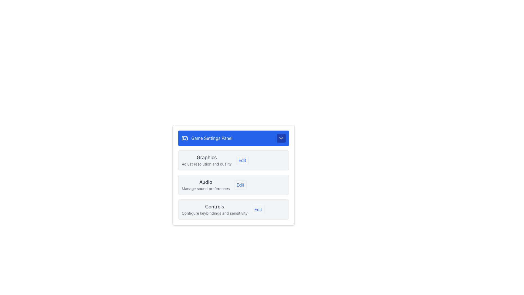 Image resolution: width=524 pixels, height=295 pixels. I want to click on the 'Edit' button located to the right of the 'Graphics' and 'Adjust resolution and quality' text group in the 'Graphics' section of the 'Game Settings Panel', so click(242, 160).